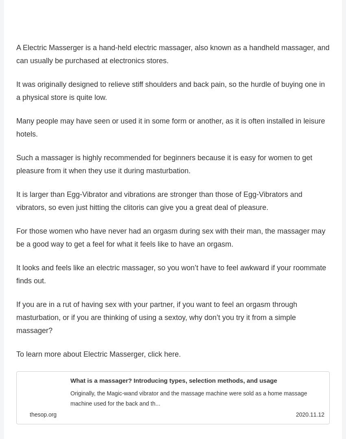 The height and width of the screenshot is (439, 346). What do you see at coordinates (70, 401) in the screenshot?
I see `'Originally, the Magic-wand vibrator and the massage machine were sold as a home massage machine used for the back and th...'` at bounding box center [70, 401].